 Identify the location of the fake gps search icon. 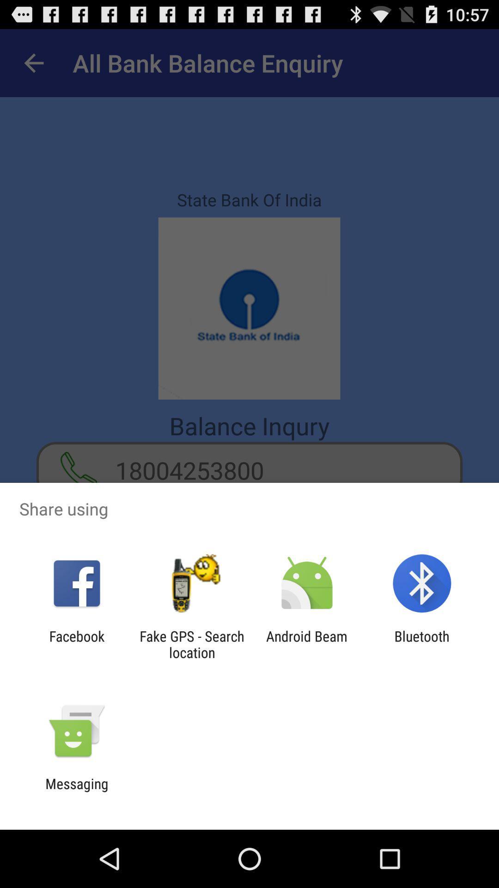
(191, 644).